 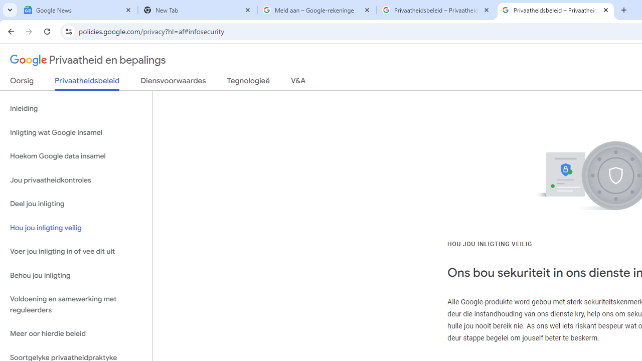 What do you see at coordinates (76, 179) in the screenshot?
I see `'Jou privaatheidkontroles'` at bounding box center [76, 179].